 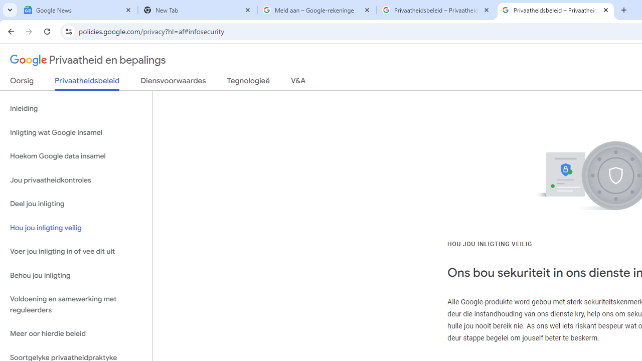 What do you see at coordinates (76, 179) in the screenshot?
I see `'Jou privaatheidkontroles'` at bounding box center [76, 179].